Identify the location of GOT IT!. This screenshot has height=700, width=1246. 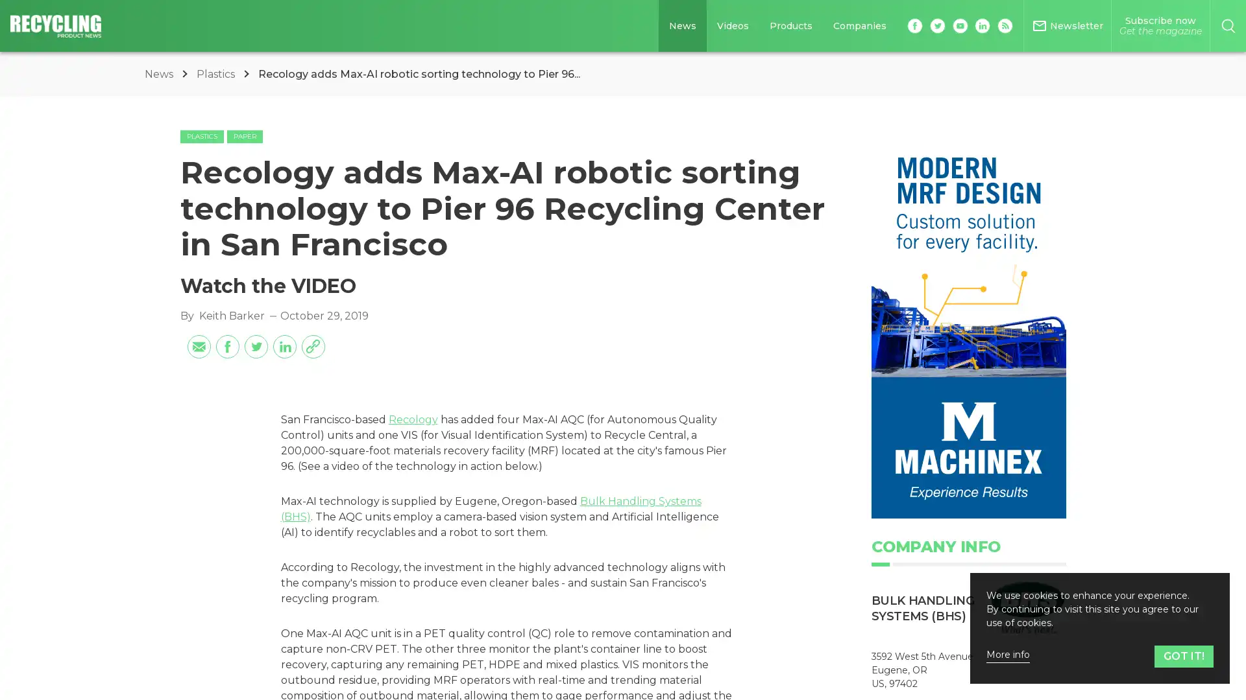
(1184, 656).